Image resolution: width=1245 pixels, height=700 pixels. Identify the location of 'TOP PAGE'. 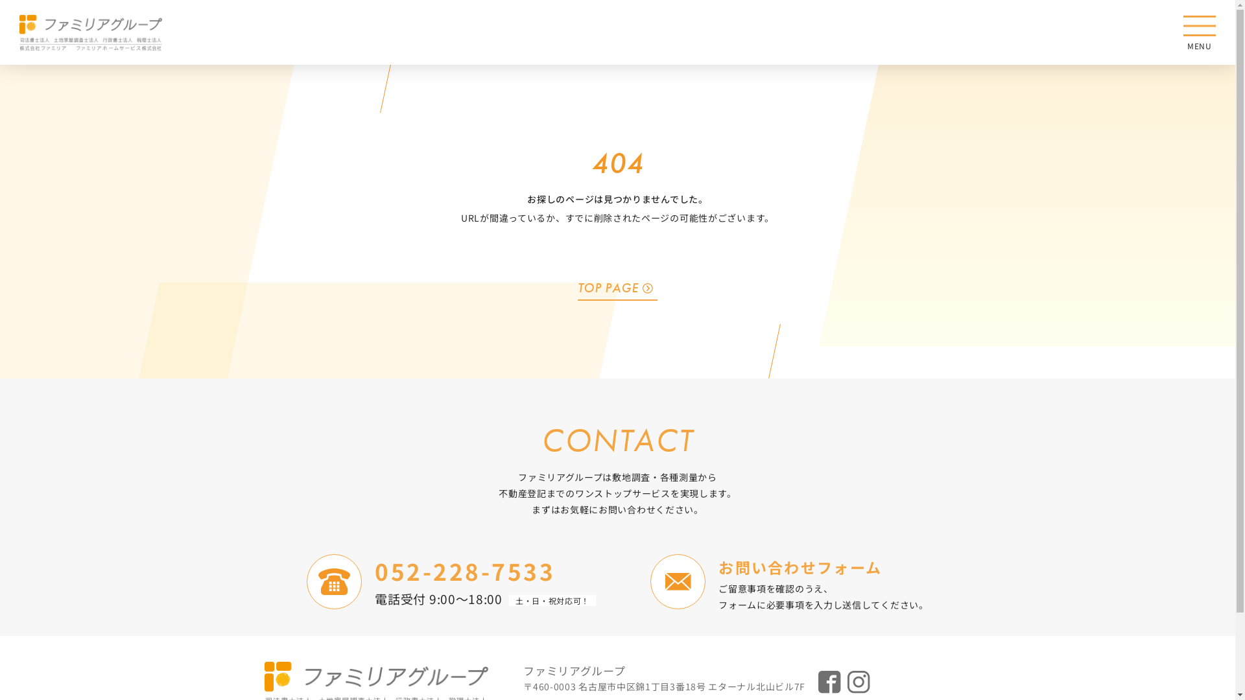
(617, 286).